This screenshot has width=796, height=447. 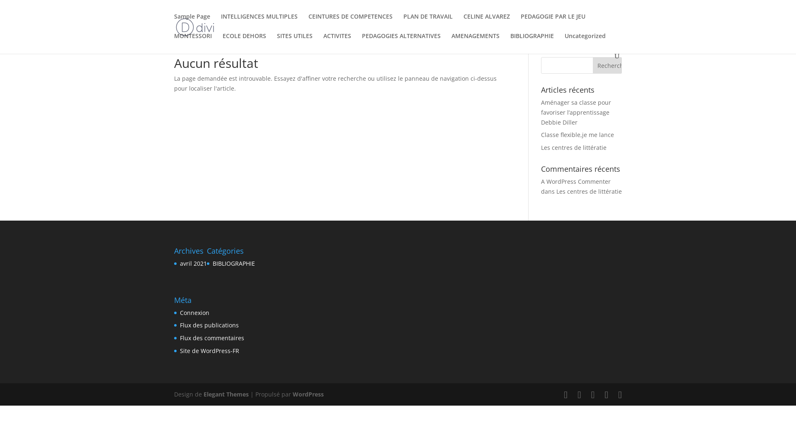 I want to click on 'WordPress', so click(x=292, y=394).